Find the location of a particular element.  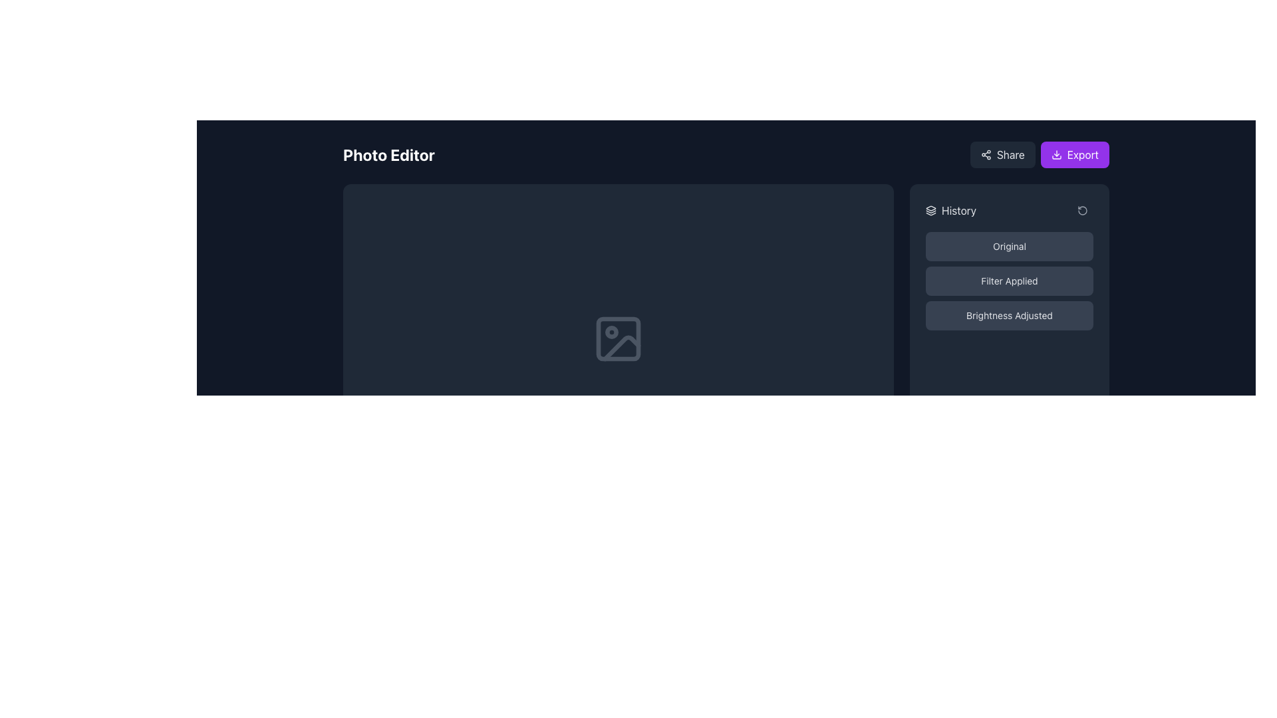

the button in the photo editor interface that changes the displayed image is located at coordinates (618, 338).